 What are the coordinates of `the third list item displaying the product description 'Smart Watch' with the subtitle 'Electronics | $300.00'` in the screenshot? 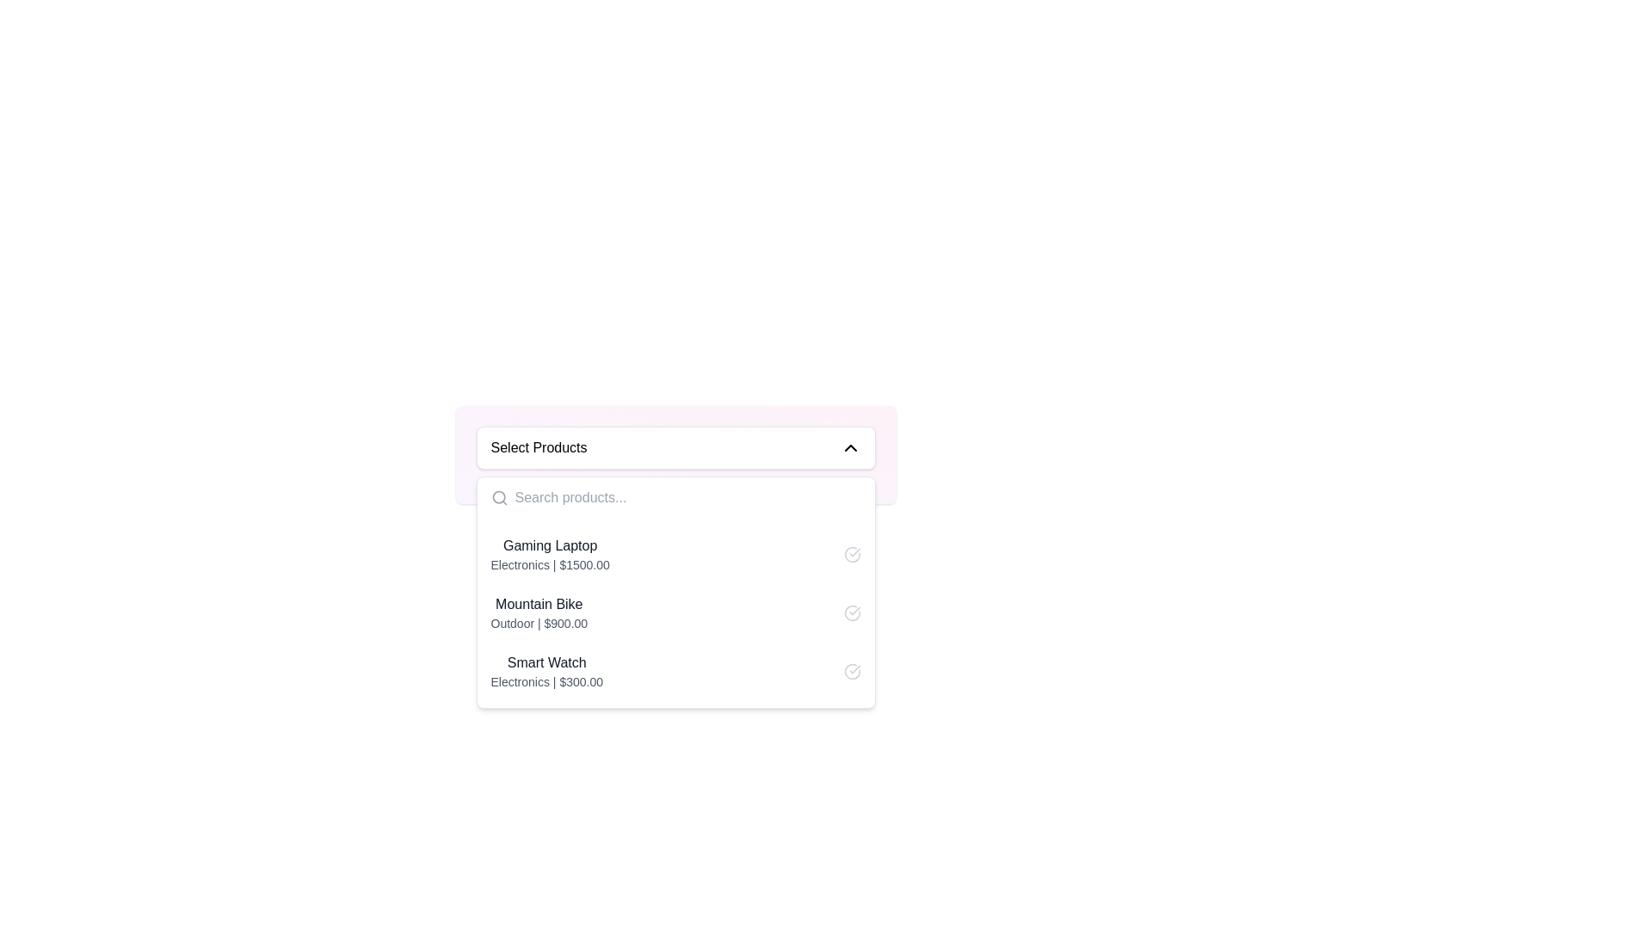 It's located at (675, 670).